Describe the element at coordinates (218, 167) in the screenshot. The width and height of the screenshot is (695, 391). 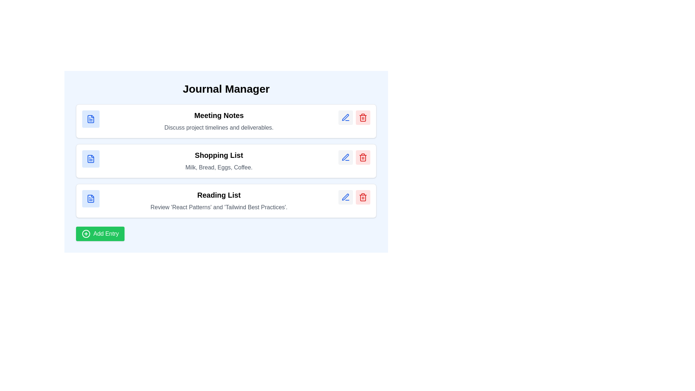
I see `the text field element that lists items in the 'Shopping List', positioned below the title 'Shopping List', and aligned with the entry's edit and delete buttons` at that location.